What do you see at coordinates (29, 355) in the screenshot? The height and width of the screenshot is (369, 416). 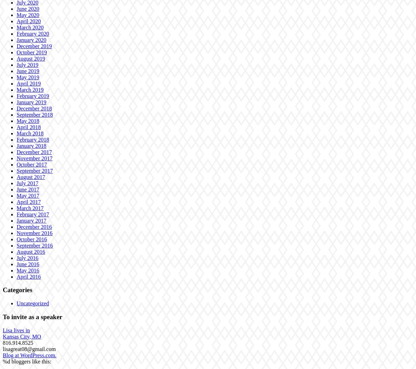 I see `'Blog at WordPress.com.'` at bounding box center [29, 355].